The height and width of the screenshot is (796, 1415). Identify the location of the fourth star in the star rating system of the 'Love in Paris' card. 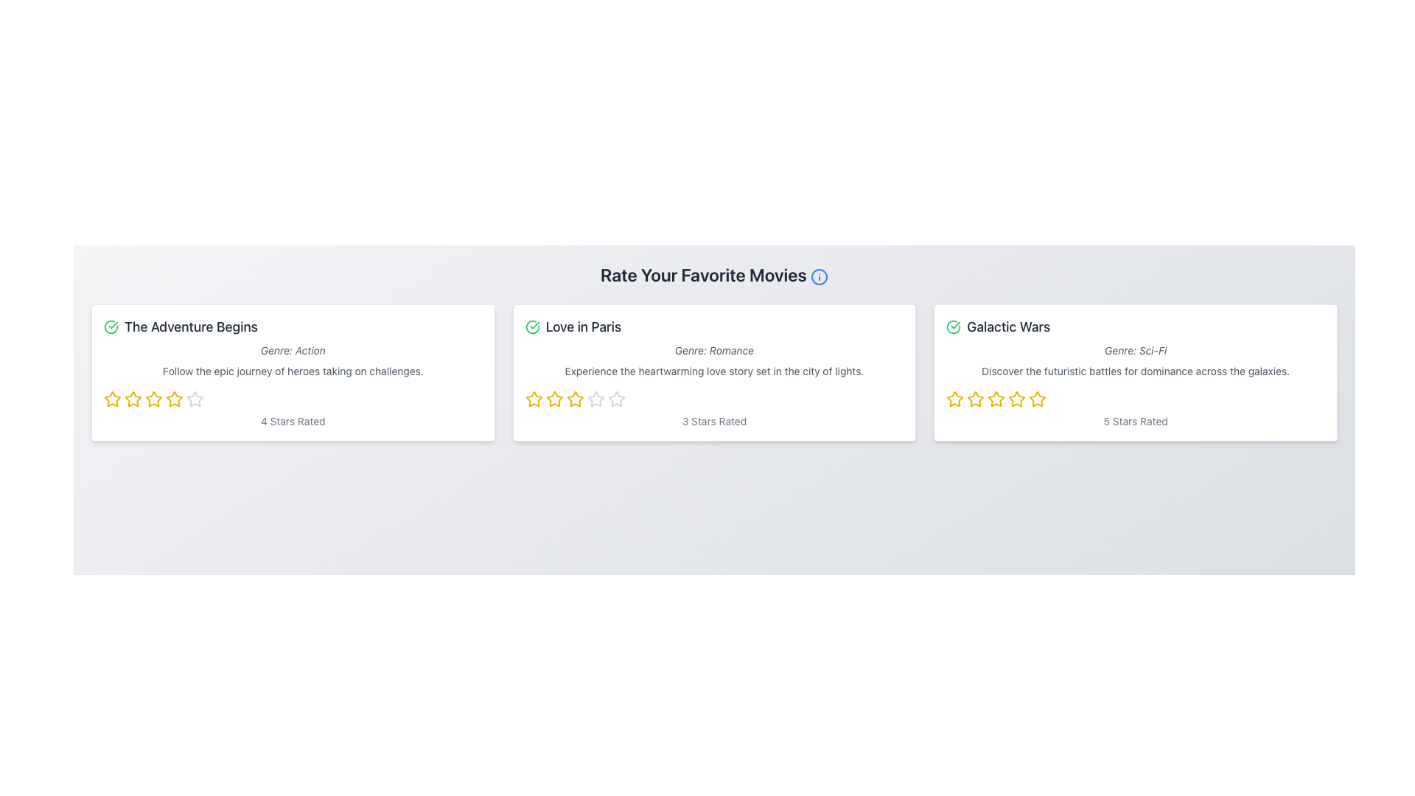
(595, 399).